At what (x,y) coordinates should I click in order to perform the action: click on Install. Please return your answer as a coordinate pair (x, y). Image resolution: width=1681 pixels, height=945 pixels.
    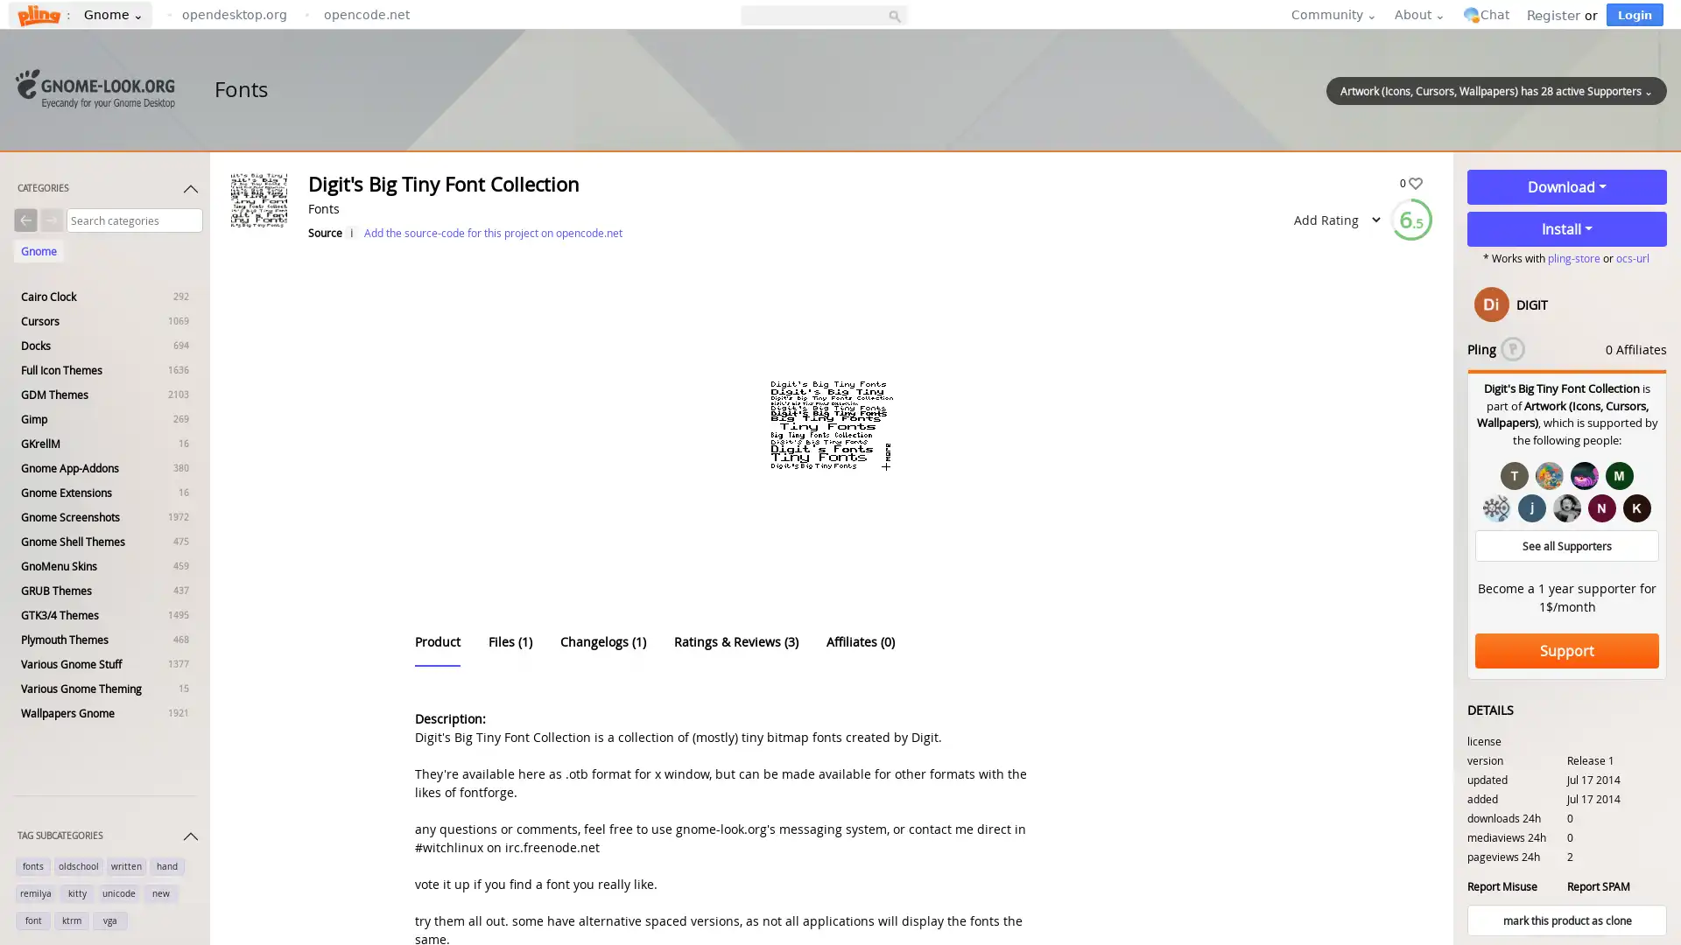
    Looking at the image, I should click on (1567, 228).